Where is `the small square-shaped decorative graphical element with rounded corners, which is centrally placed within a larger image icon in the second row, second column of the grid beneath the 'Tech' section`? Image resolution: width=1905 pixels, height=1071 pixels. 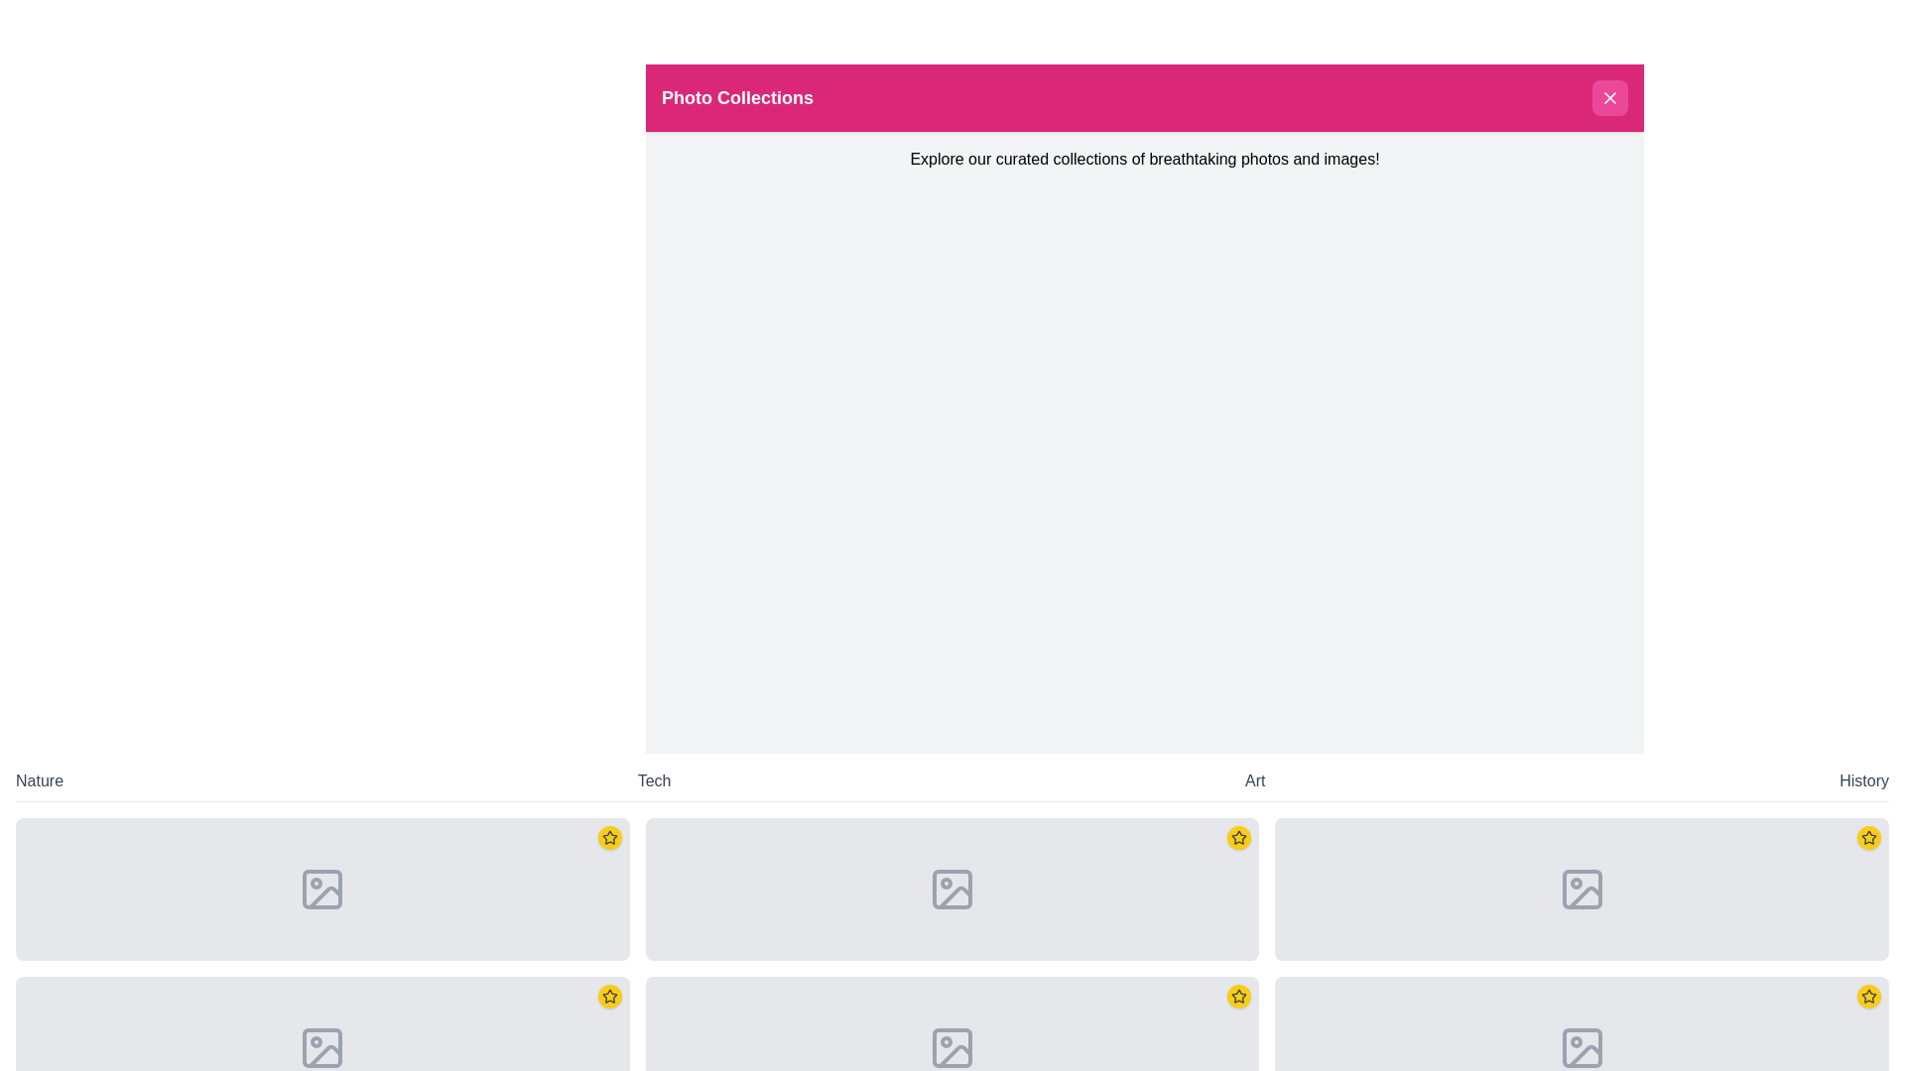
the small square-shaped decorative graphical element with rounded corners, which is centrally placed within a larger image icon in the second row, second column of the grid beneath the 'Tech' section is located at coordinates (952, 889).